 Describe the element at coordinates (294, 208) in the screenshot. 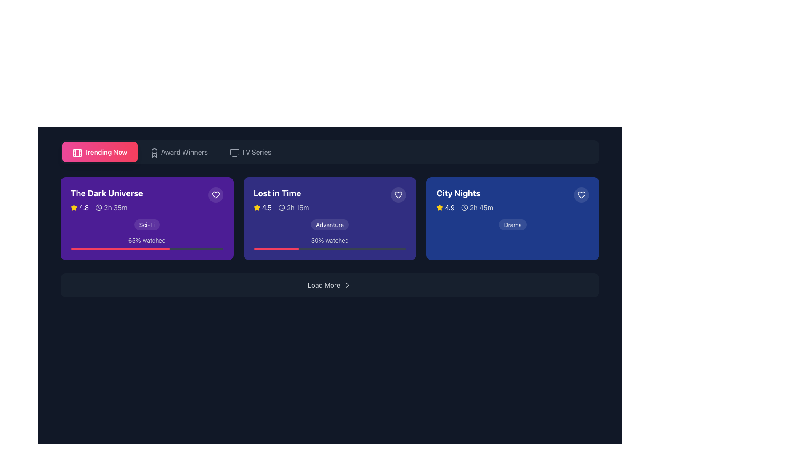

I see `displayed duration from the text label located below the yellow star icon and '4.5' rating text in the second card titled 'Lost in Time'` at that location.